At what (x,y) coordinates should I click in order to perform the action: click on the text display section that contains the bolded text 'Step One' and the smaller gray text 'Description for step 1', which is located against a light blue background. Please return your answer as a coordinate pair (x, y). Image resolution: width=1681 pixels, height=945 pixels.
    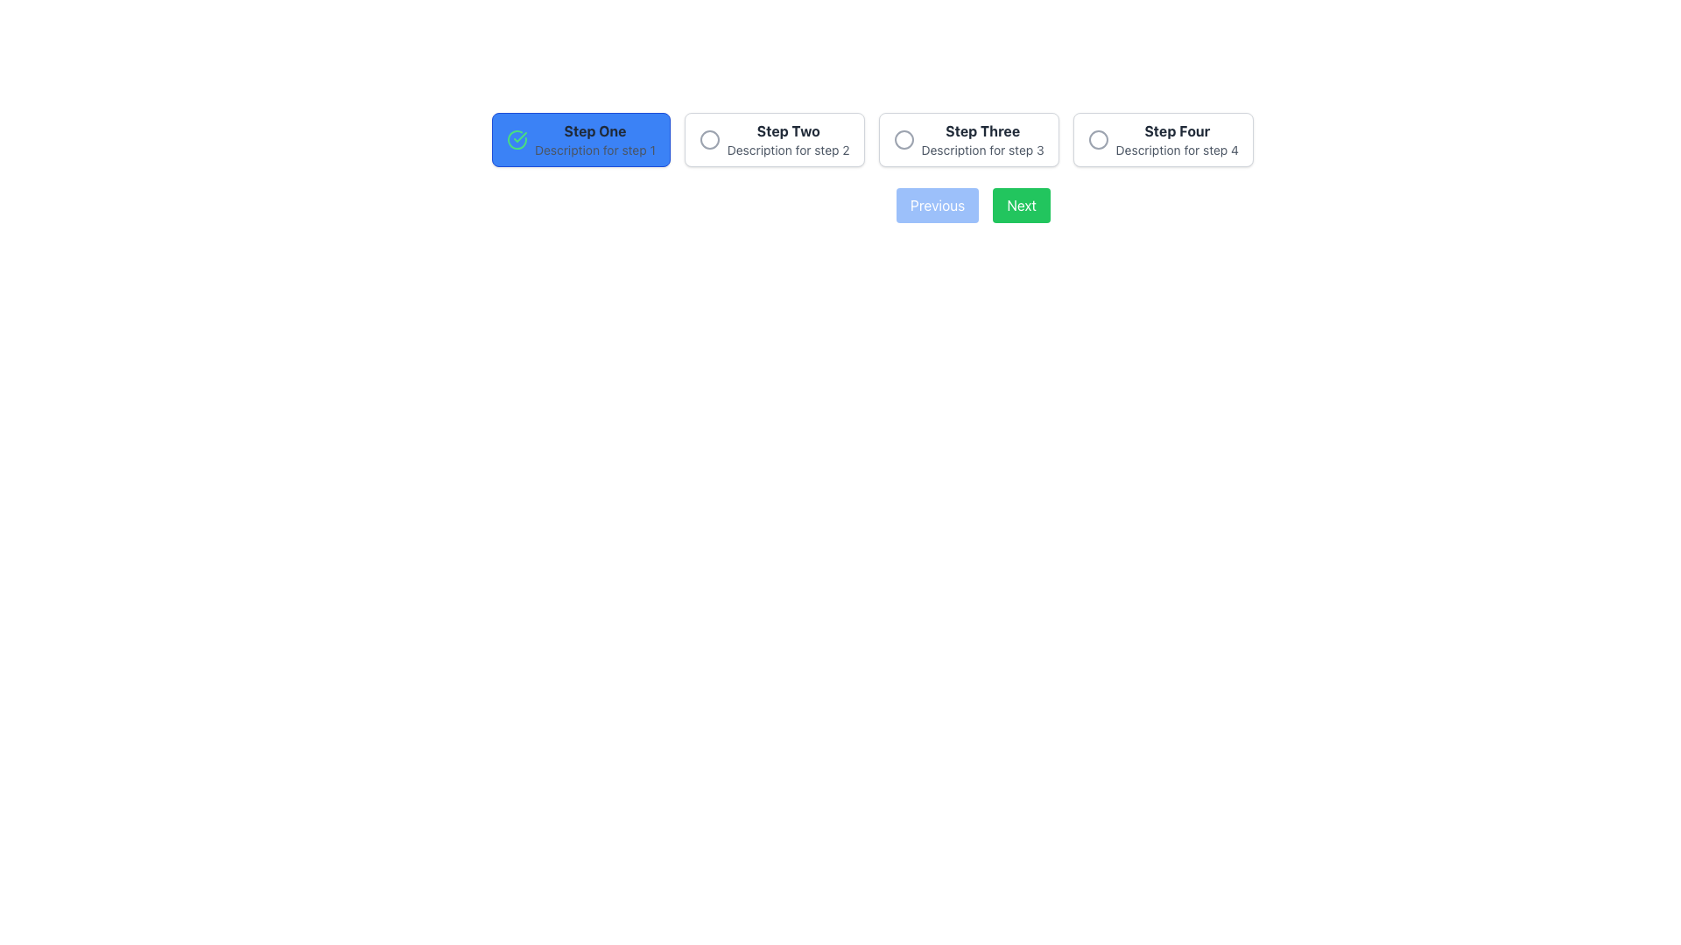
    Looking at the image, I should click on (594, 138).